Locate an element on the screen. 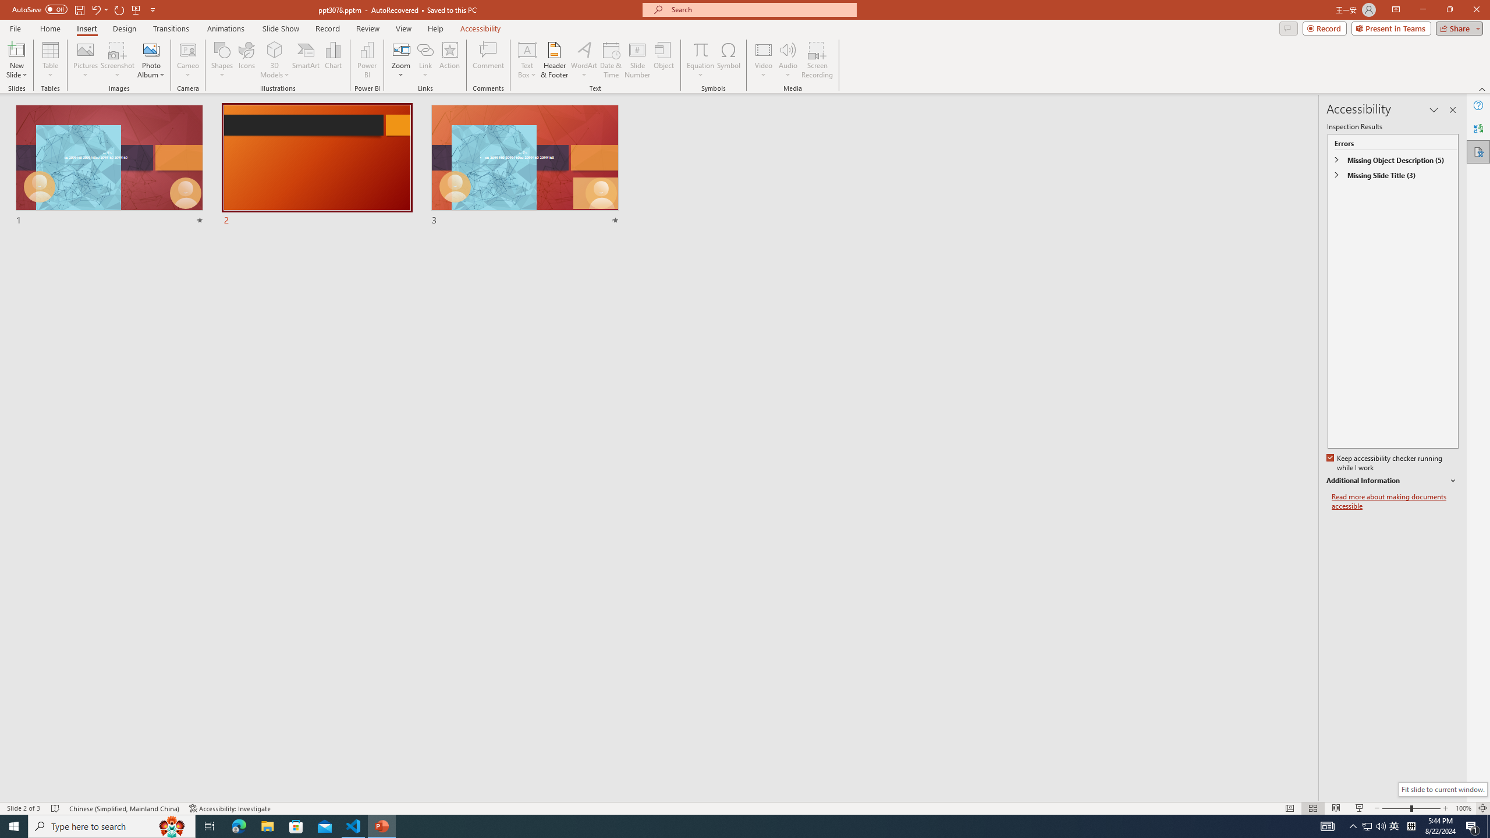 The height and width of the screenshot is (838, 1490). 'Collapse the Ribbon' is located at coordinates (1482, 89).